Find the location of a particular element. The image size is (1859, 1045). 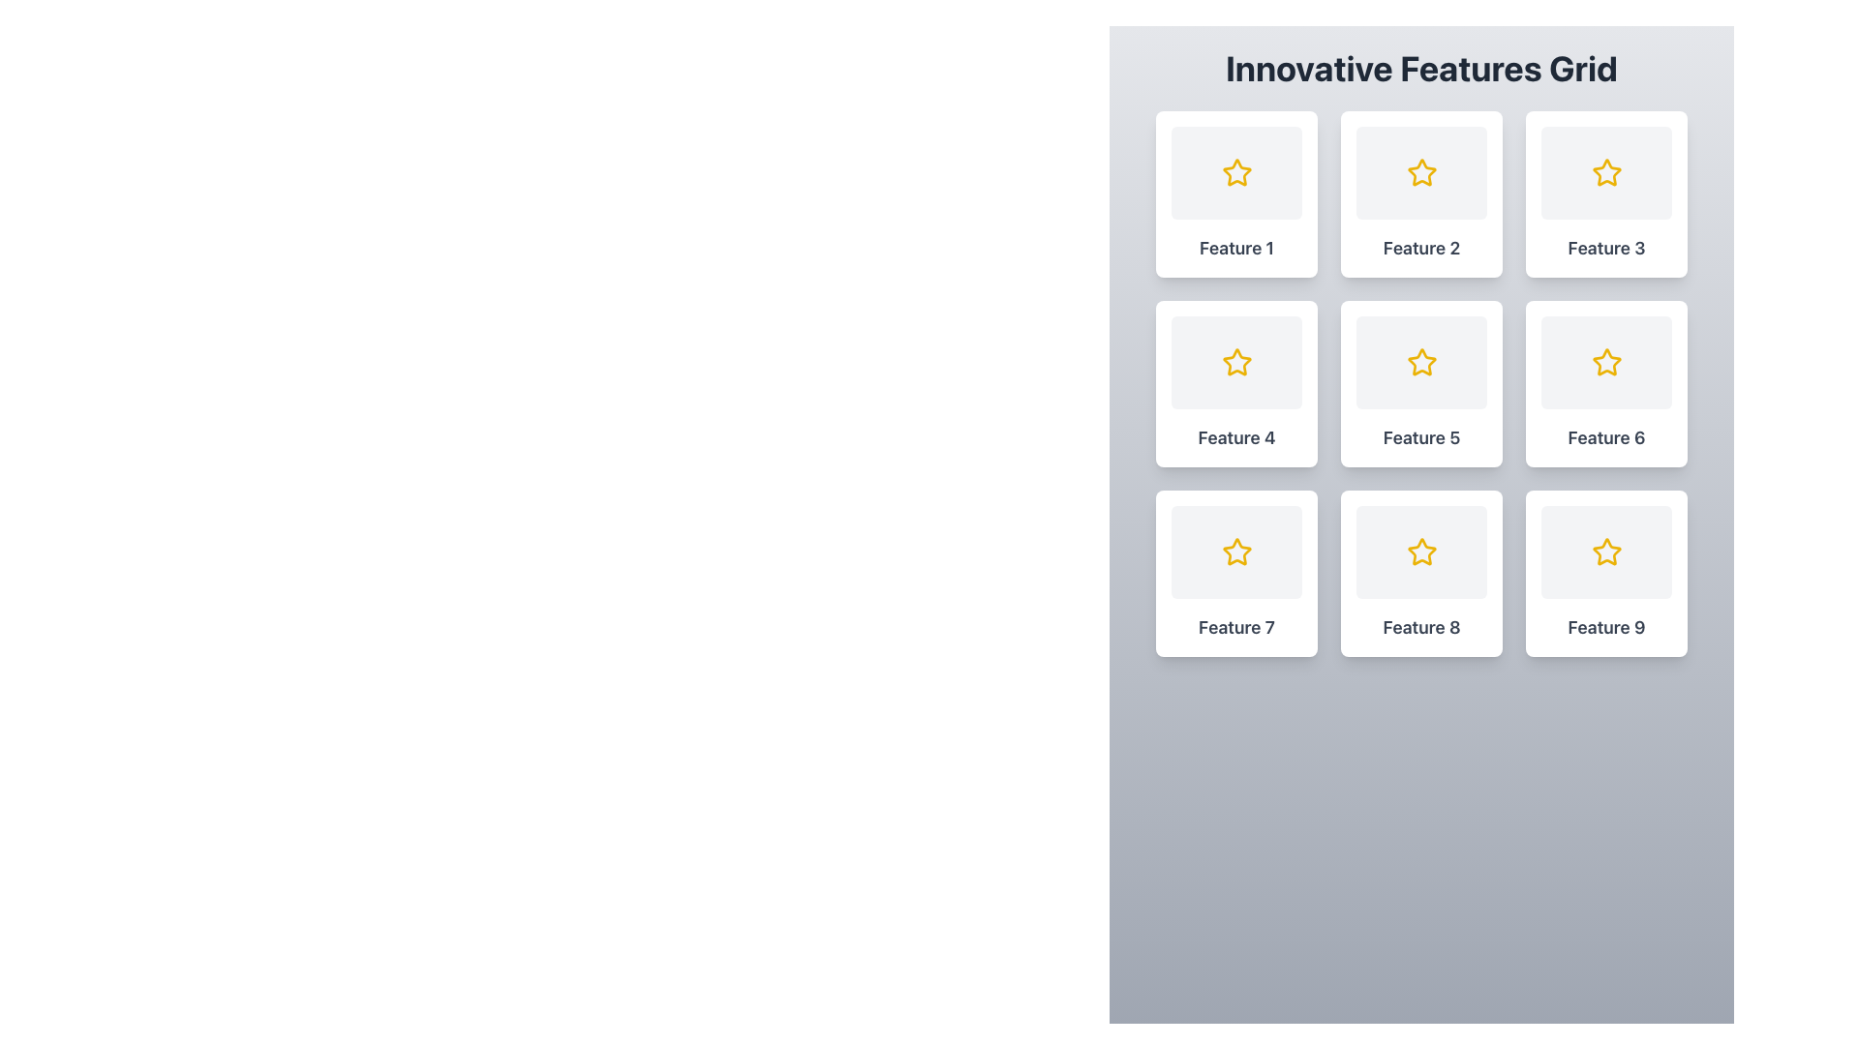

the star icon in the bottom-right corner of the 'Feature 9' grid item is located at coordinates (1606, 552).